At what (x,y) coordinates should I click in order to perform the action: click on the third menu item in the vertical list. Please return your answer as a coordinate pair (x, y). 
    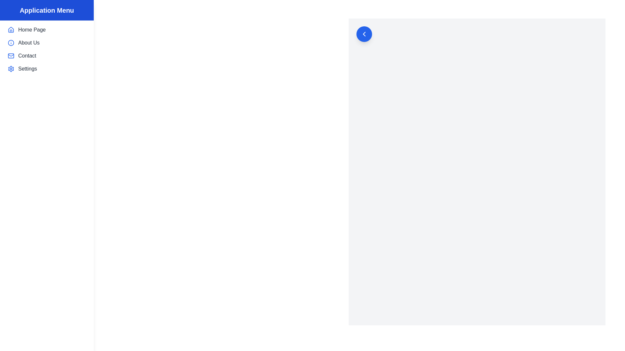
    Looking at the image, I should click on (47, 56).